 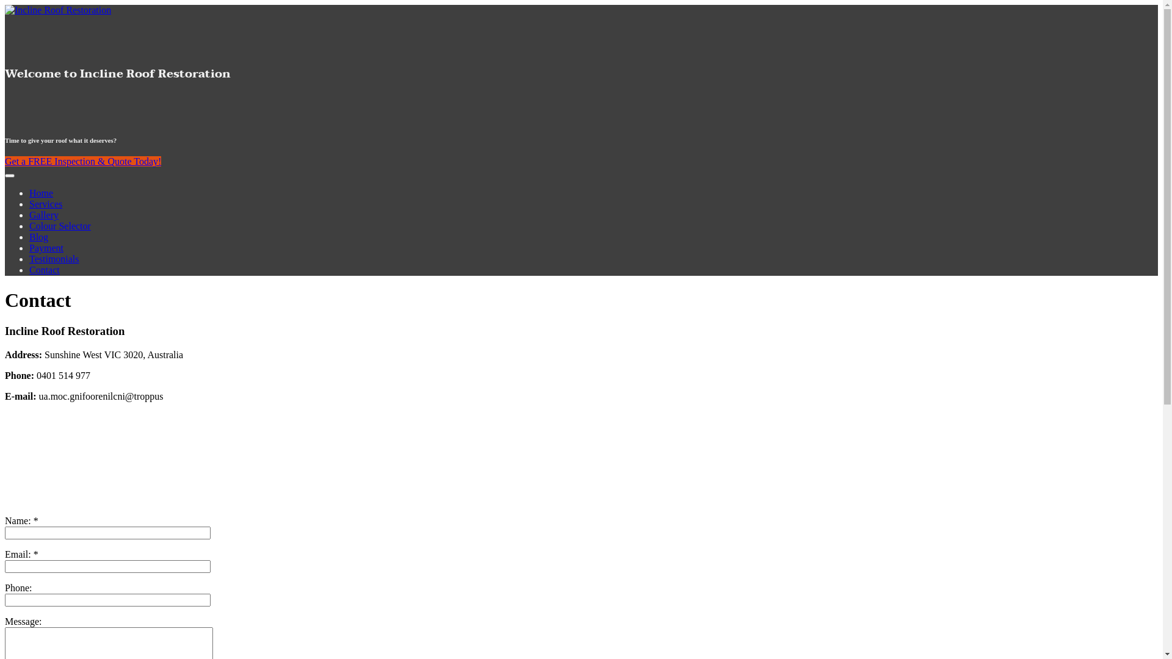 I want to click on 'Gallery', so click(x=44, y=214).